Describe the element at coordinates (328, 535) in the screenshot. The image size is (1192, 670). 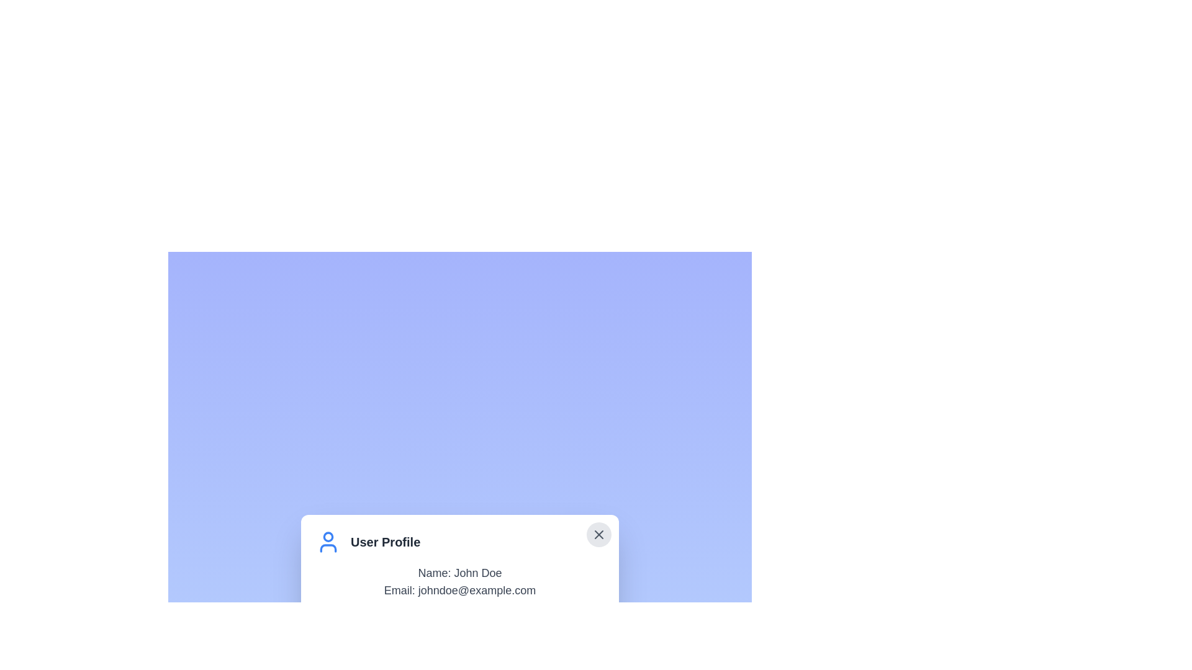
I see `the decorative graphical circle element that marks the user icon in the interface, located at the top region of the user icon graphic` at that location.